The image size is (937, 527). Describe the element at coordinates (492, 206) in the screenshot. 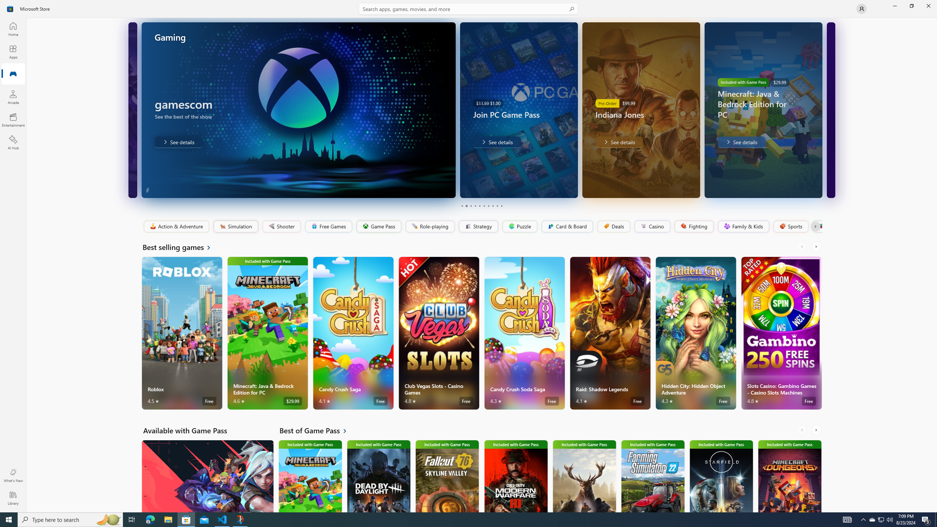

I see `'Page 8'` at that location.